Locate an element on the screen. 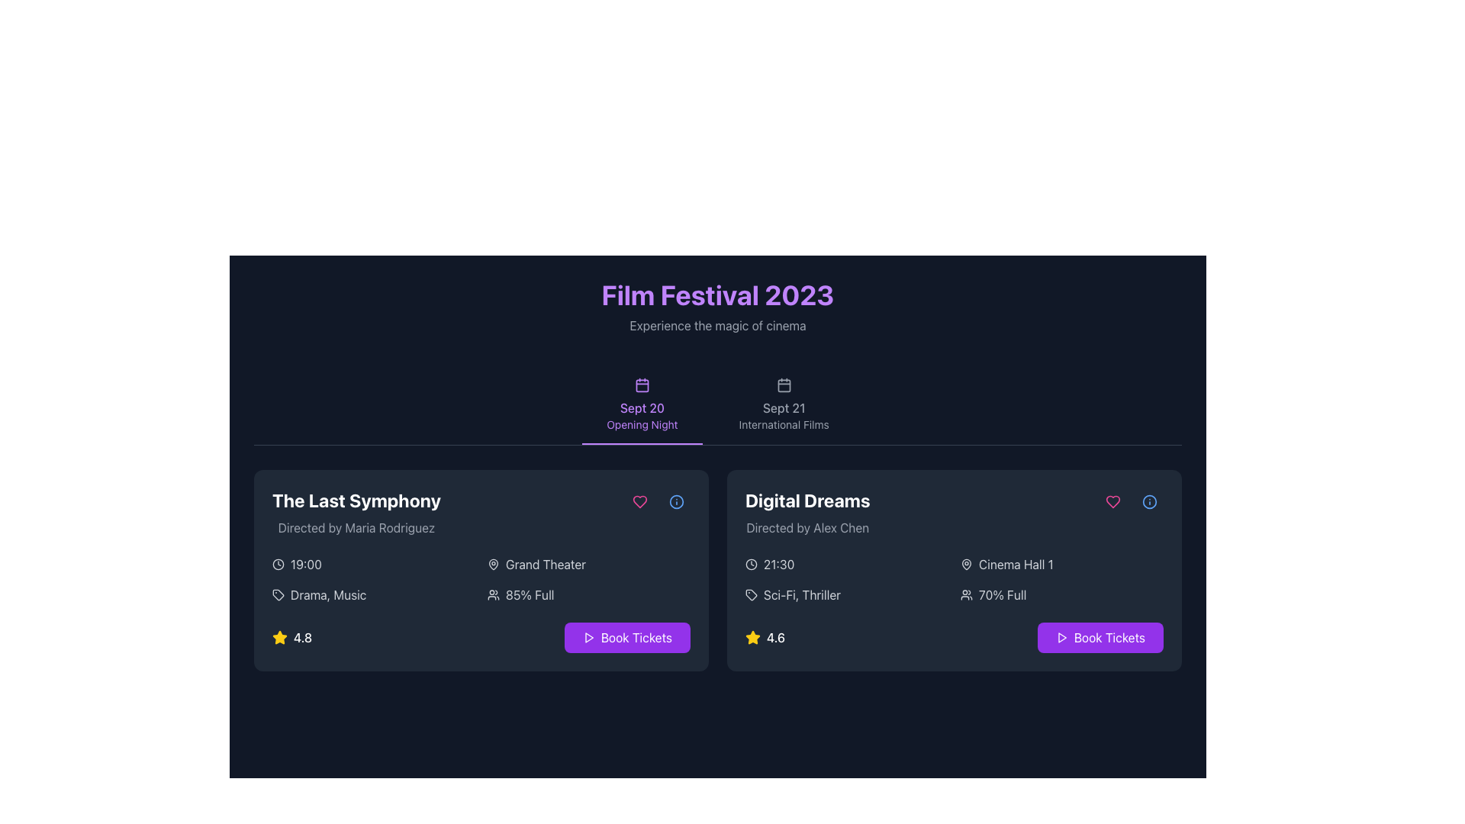  the location pin icon within the text group labeled 'Grand Theater', which is located is located at coordinates (494, 565).